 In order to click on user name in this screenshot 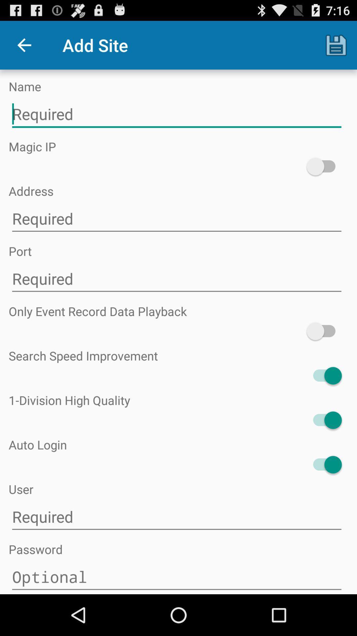, I will do `click(176, 516)`.